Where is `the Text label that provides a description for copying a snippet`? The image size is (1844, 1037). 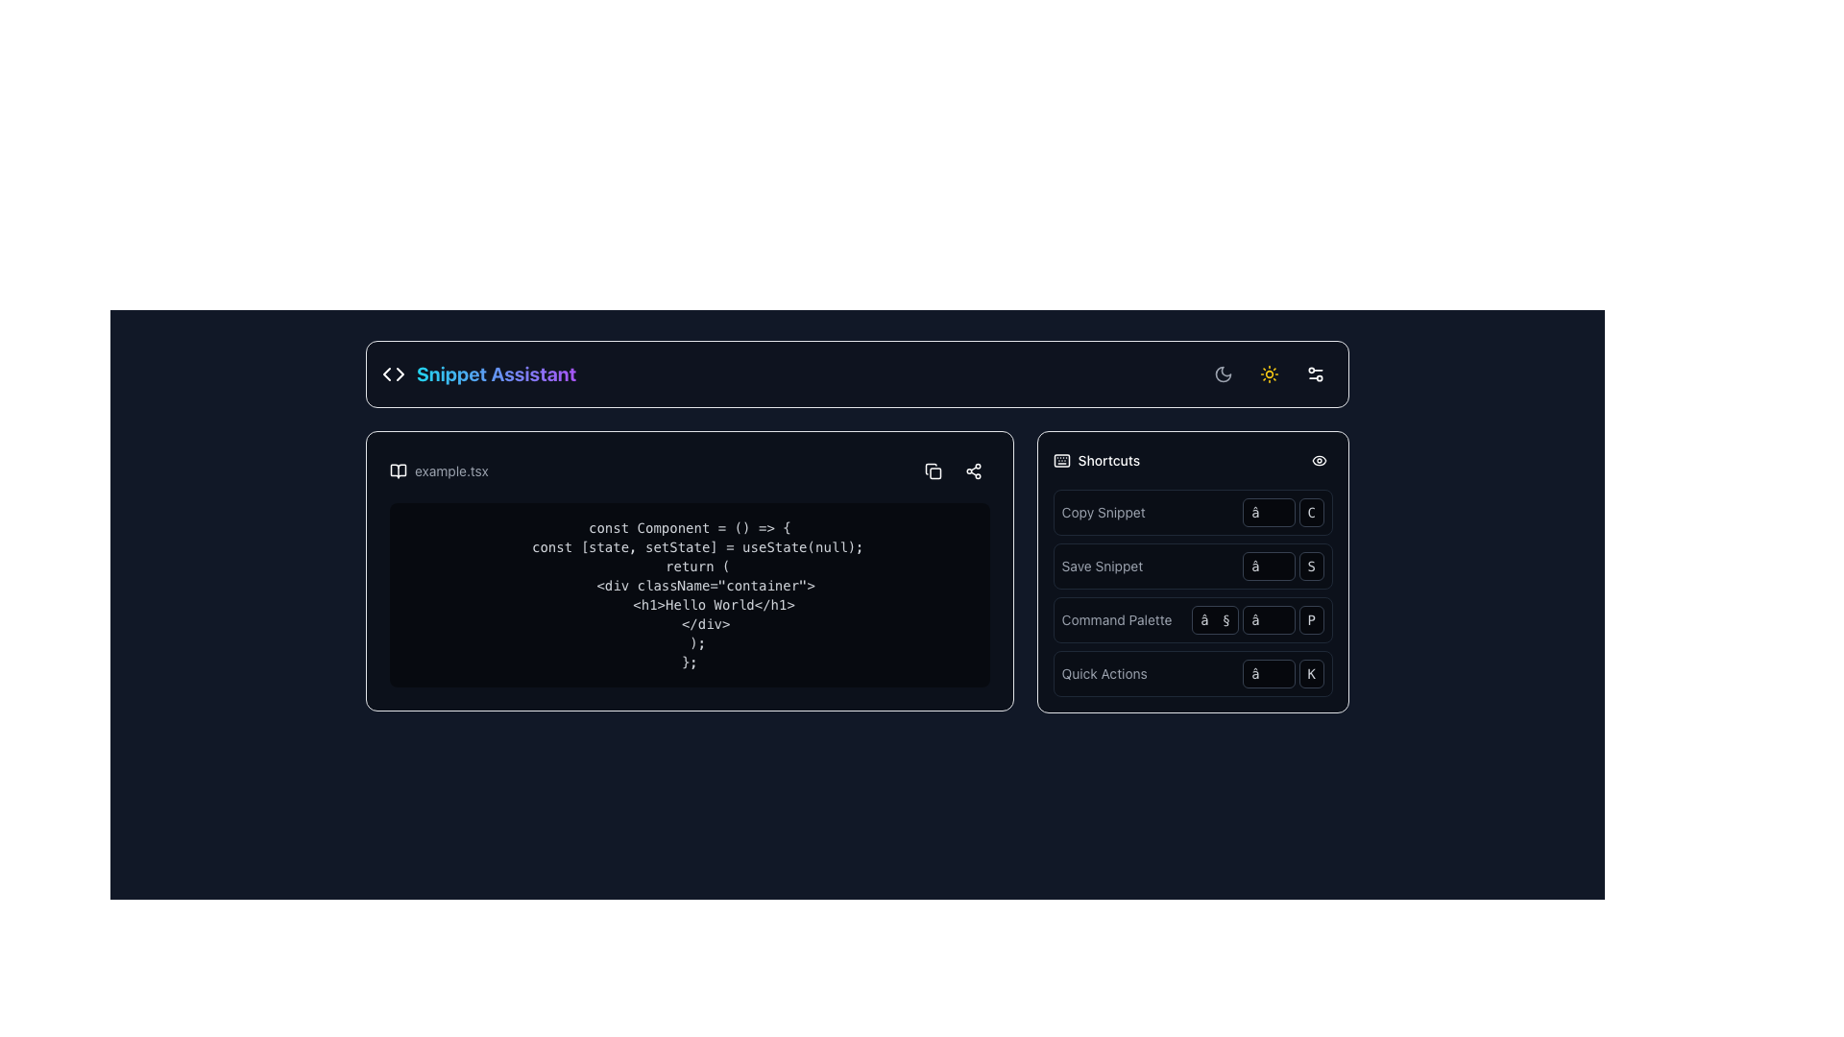
the Text label that provides a description for copying a snippet is located at coordinates (1104, 511).